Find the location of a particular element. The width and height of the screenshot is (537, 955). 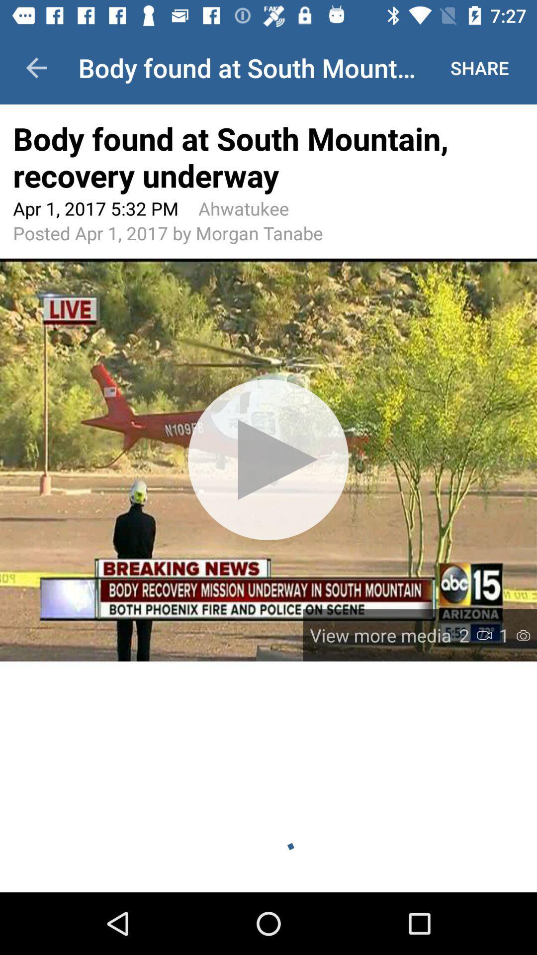

the icon above body found at icon is located at coordinates (479, 67).